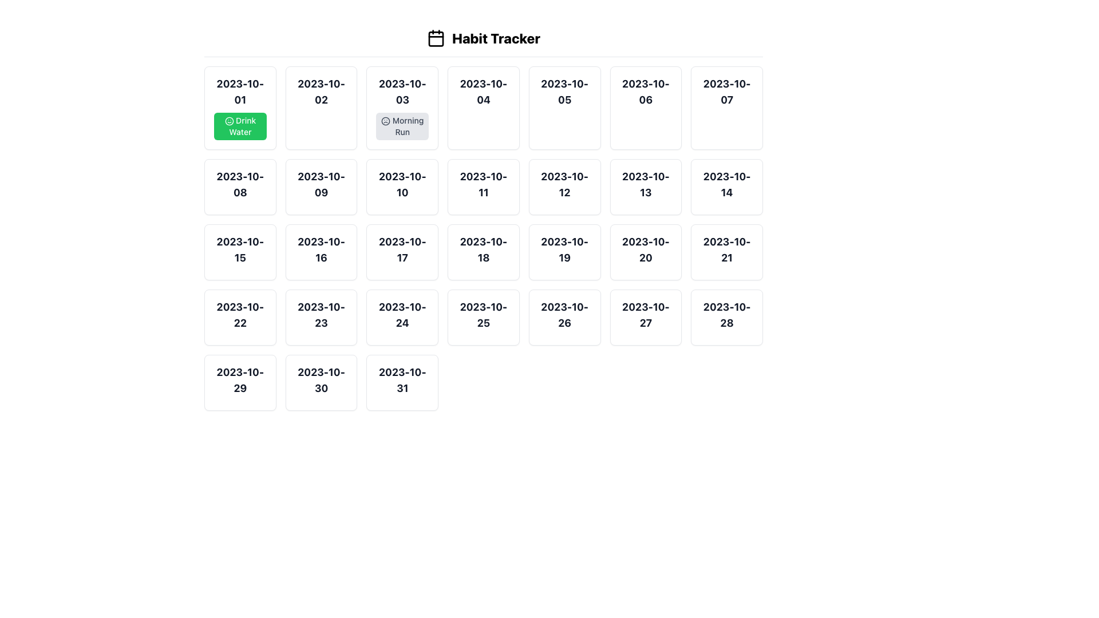  Describe the element at coordinates (229, 121) in the screenshot. I see `the circular graphical element inside the green-bordered box labeled 'Drink Water' in the habit tracking interface for October 1, 2023` at that location.